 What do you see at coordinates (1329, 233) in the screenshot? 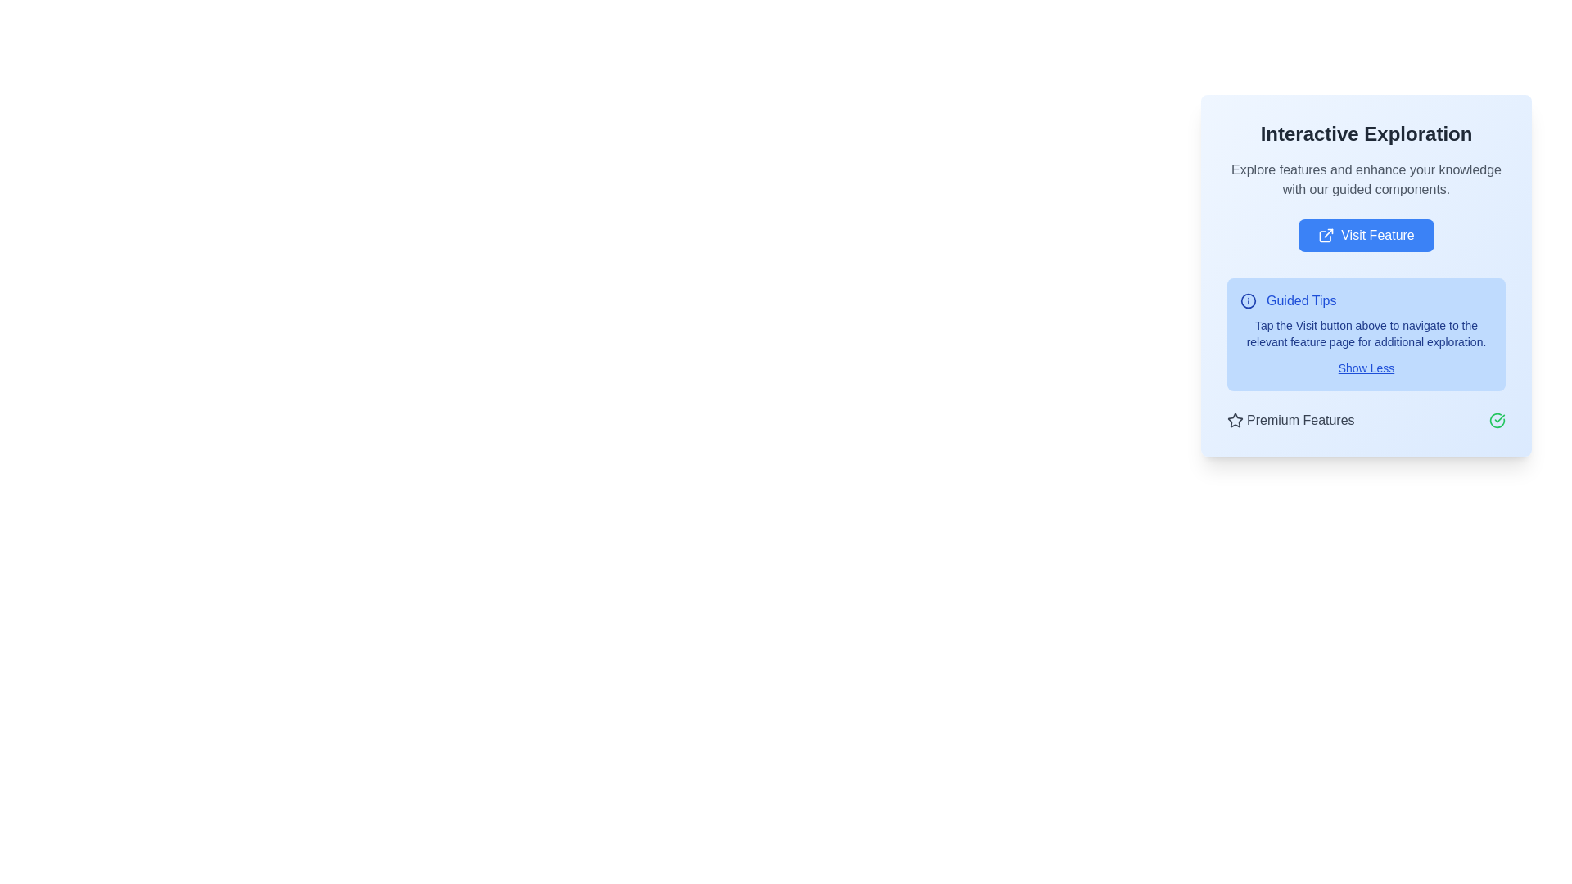
I see `the second visual element of the SVG icon representing an external link, which is located near the top-left of the blue 'Visit Feature' button` at bounding box center [1329, 233].